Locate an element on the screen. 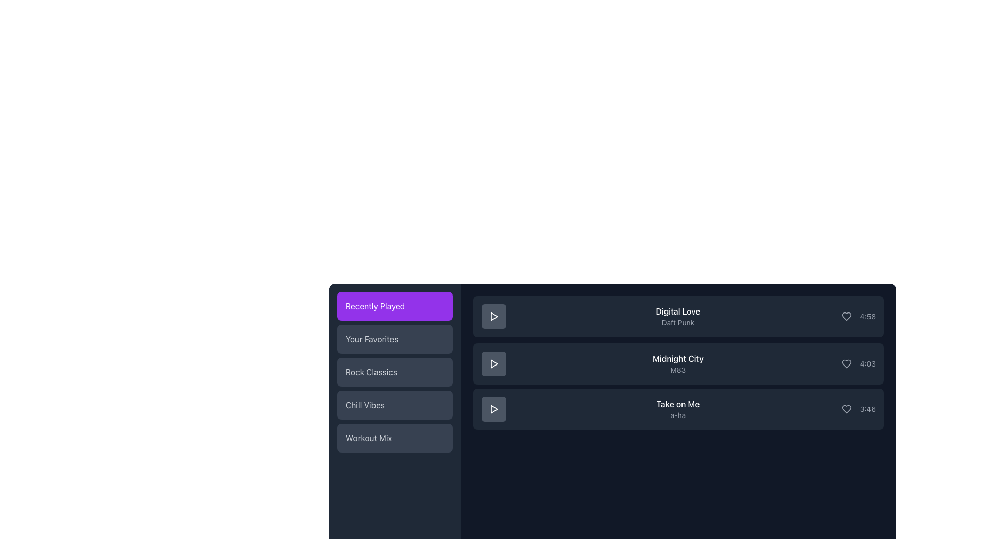  the 'Rock Classics' button located in the left sidebar, which has a dark gray background and light gray text is located at coordinates (395, 372).